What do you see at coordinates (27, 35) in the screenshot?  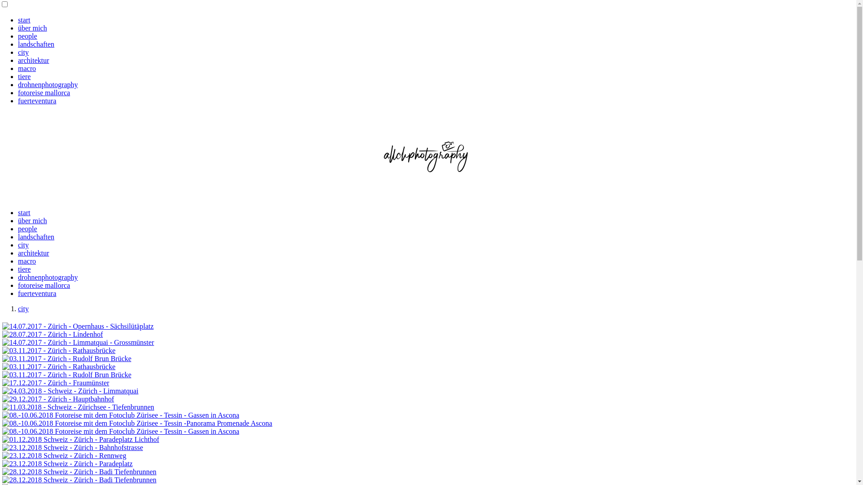 I see `'people'` at bounding box center [27, 35].